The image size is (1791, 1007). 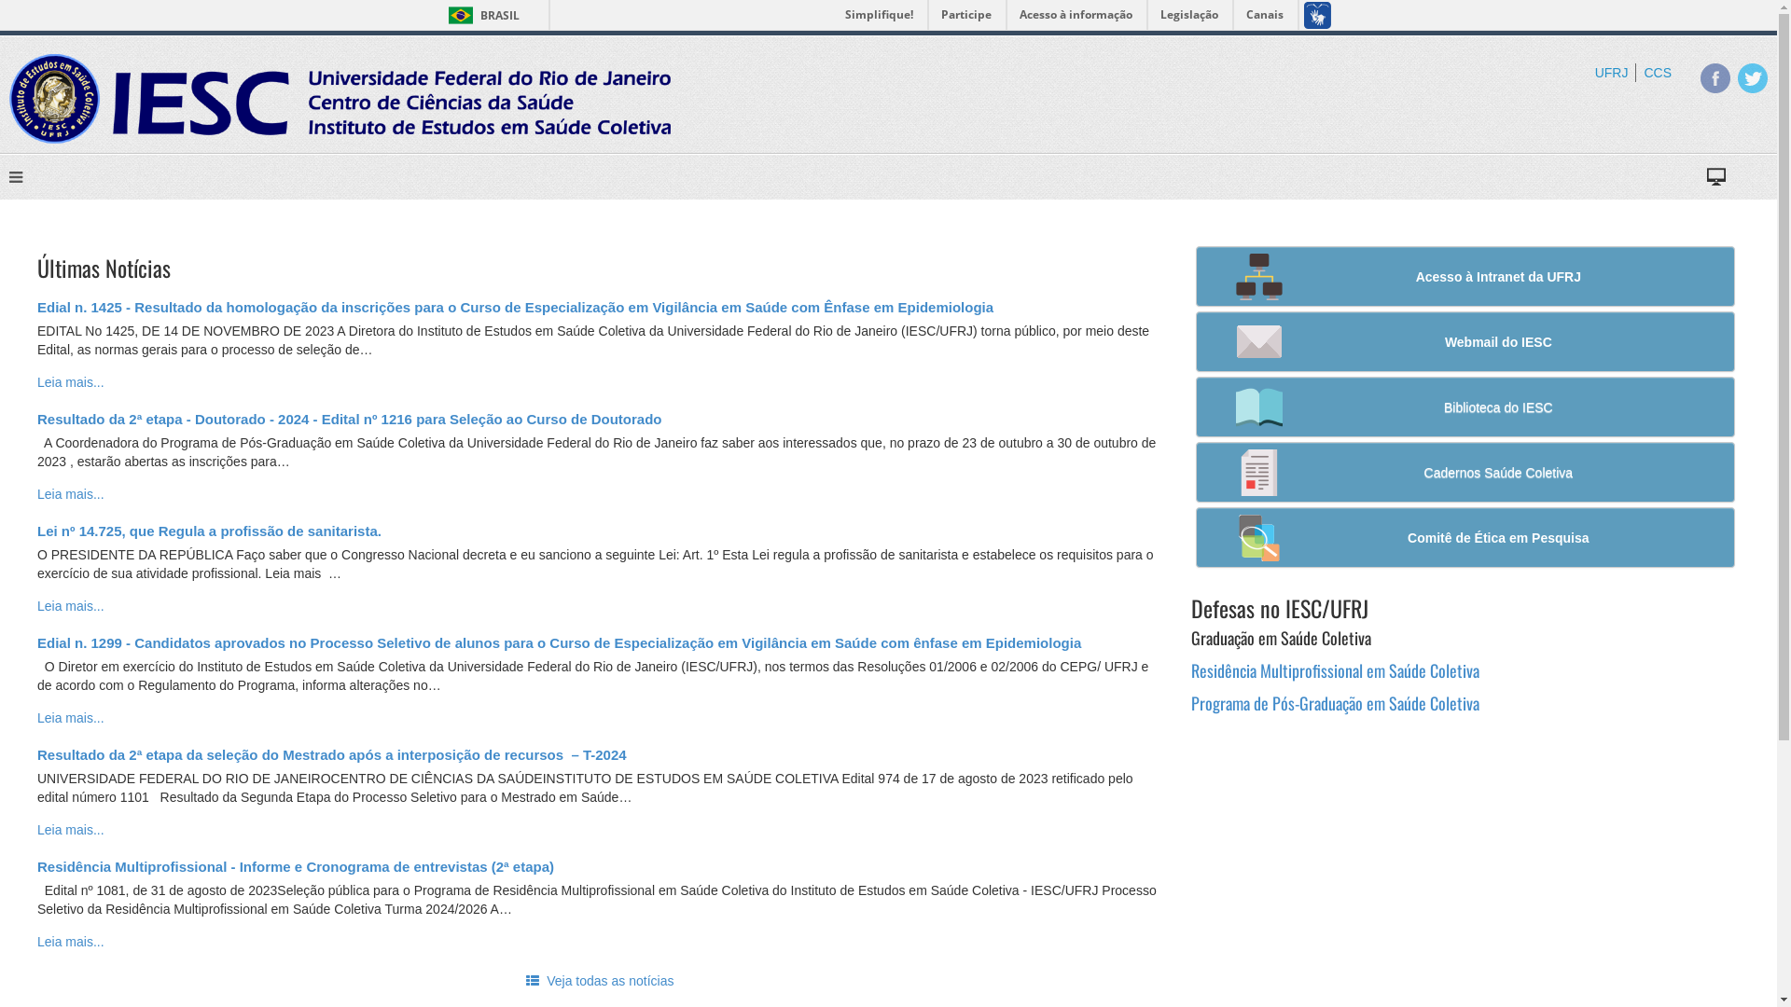 What do you see at coordinates (1593, 71) in the screenshot?
I see `'UFRJ'` at bounding box center [1593, 71].